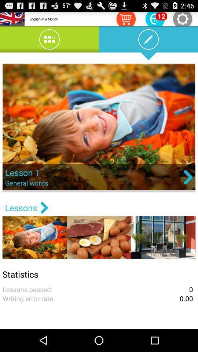 This screenshot has width=198, height=352. Describe the element at coordinates (125, 19) in the screenshot. I see `the cart icon` at that location.